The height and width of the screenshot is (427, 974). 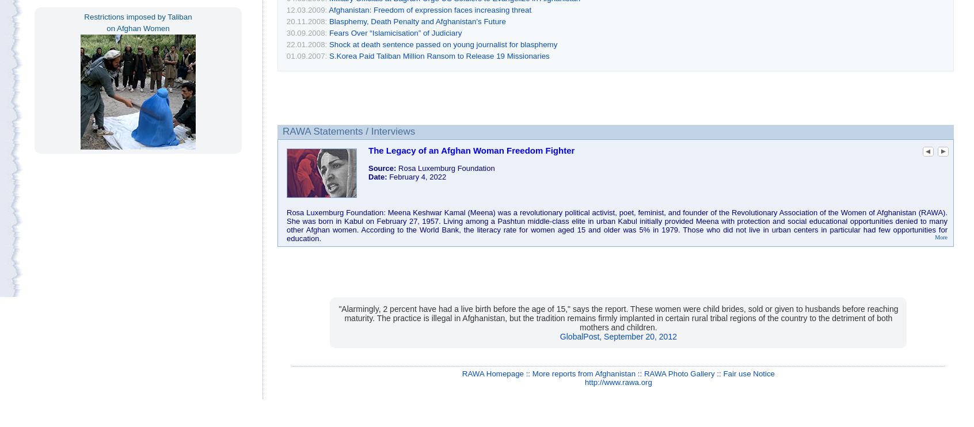 What do you see at coordinates (492, 373) in the screenshot?
I see `'RAWA Homepage'` at bounding box center [492, 373].